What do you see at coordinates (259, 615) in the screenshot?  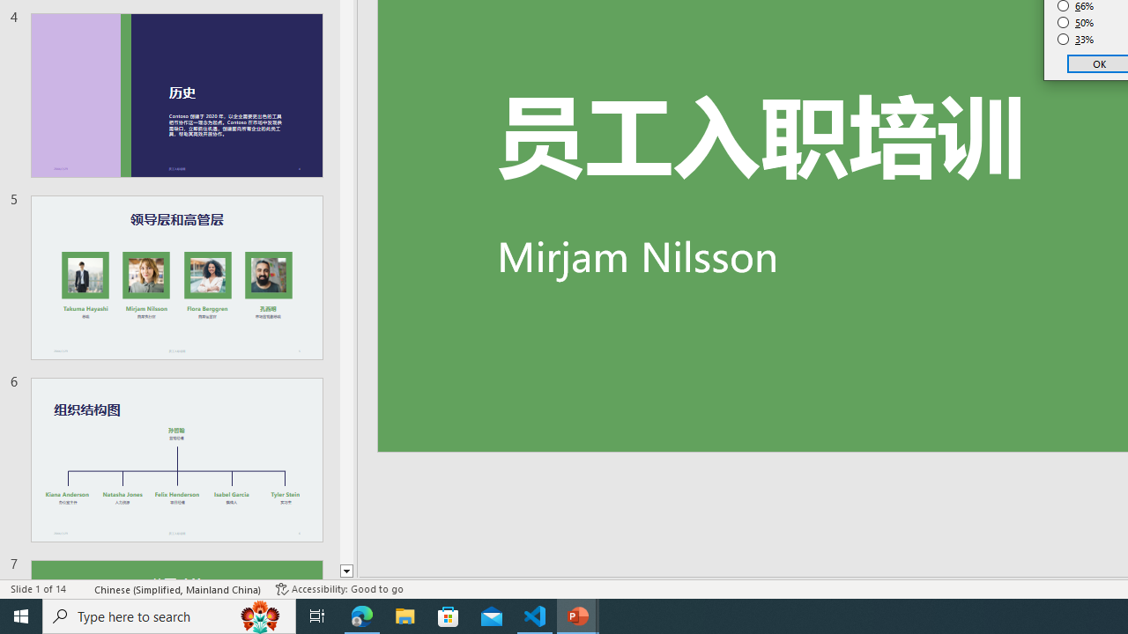 I see `'Search highlights icon opens search home window'` at bounding box center [259, 615].